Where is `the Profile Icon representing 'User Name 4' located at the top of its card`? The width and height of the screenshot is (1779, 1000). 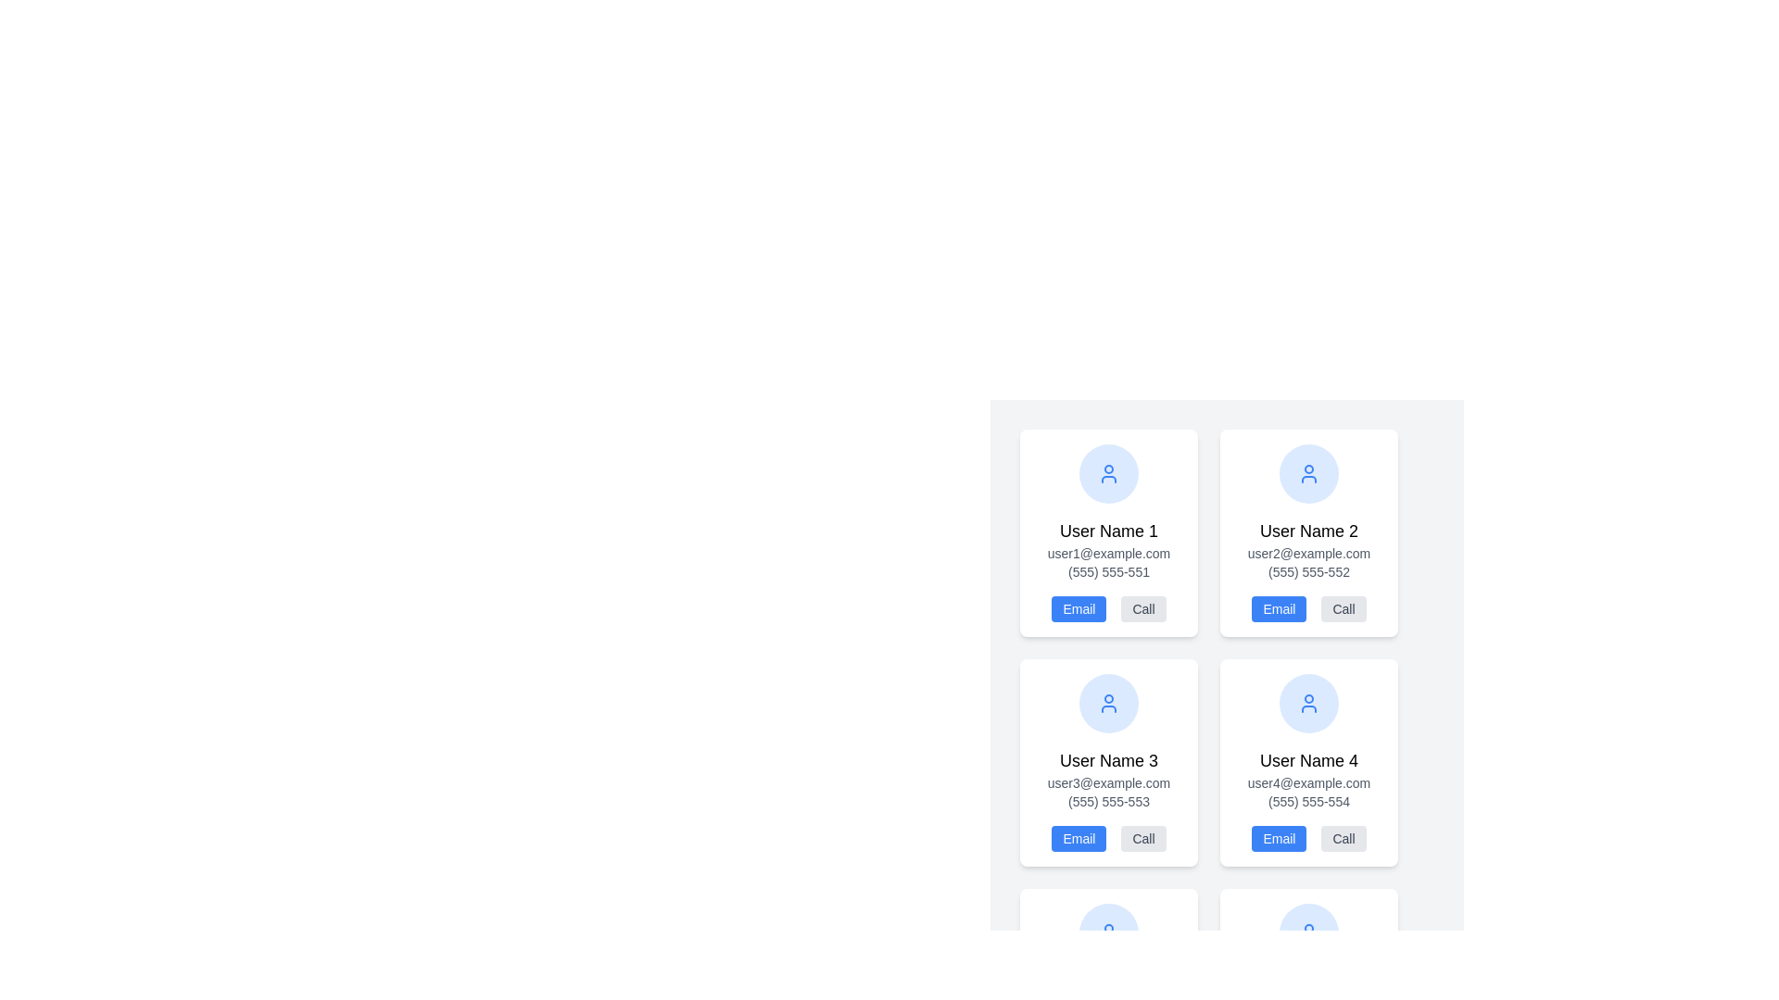
the Profile Icon representing 'User Name 4' located at the top of its card is located at coordinates (1307, 703).